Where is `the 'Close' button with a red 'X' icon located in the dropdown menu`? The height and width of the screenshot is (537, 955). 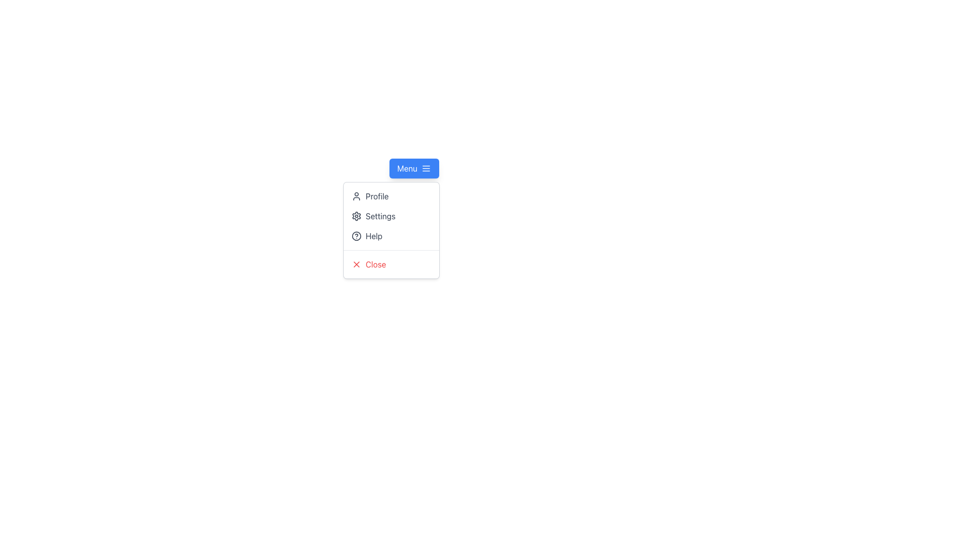 the 'Close' button with a red 'X' icon located in the dropdown menu is located at coordinates (391, 264).